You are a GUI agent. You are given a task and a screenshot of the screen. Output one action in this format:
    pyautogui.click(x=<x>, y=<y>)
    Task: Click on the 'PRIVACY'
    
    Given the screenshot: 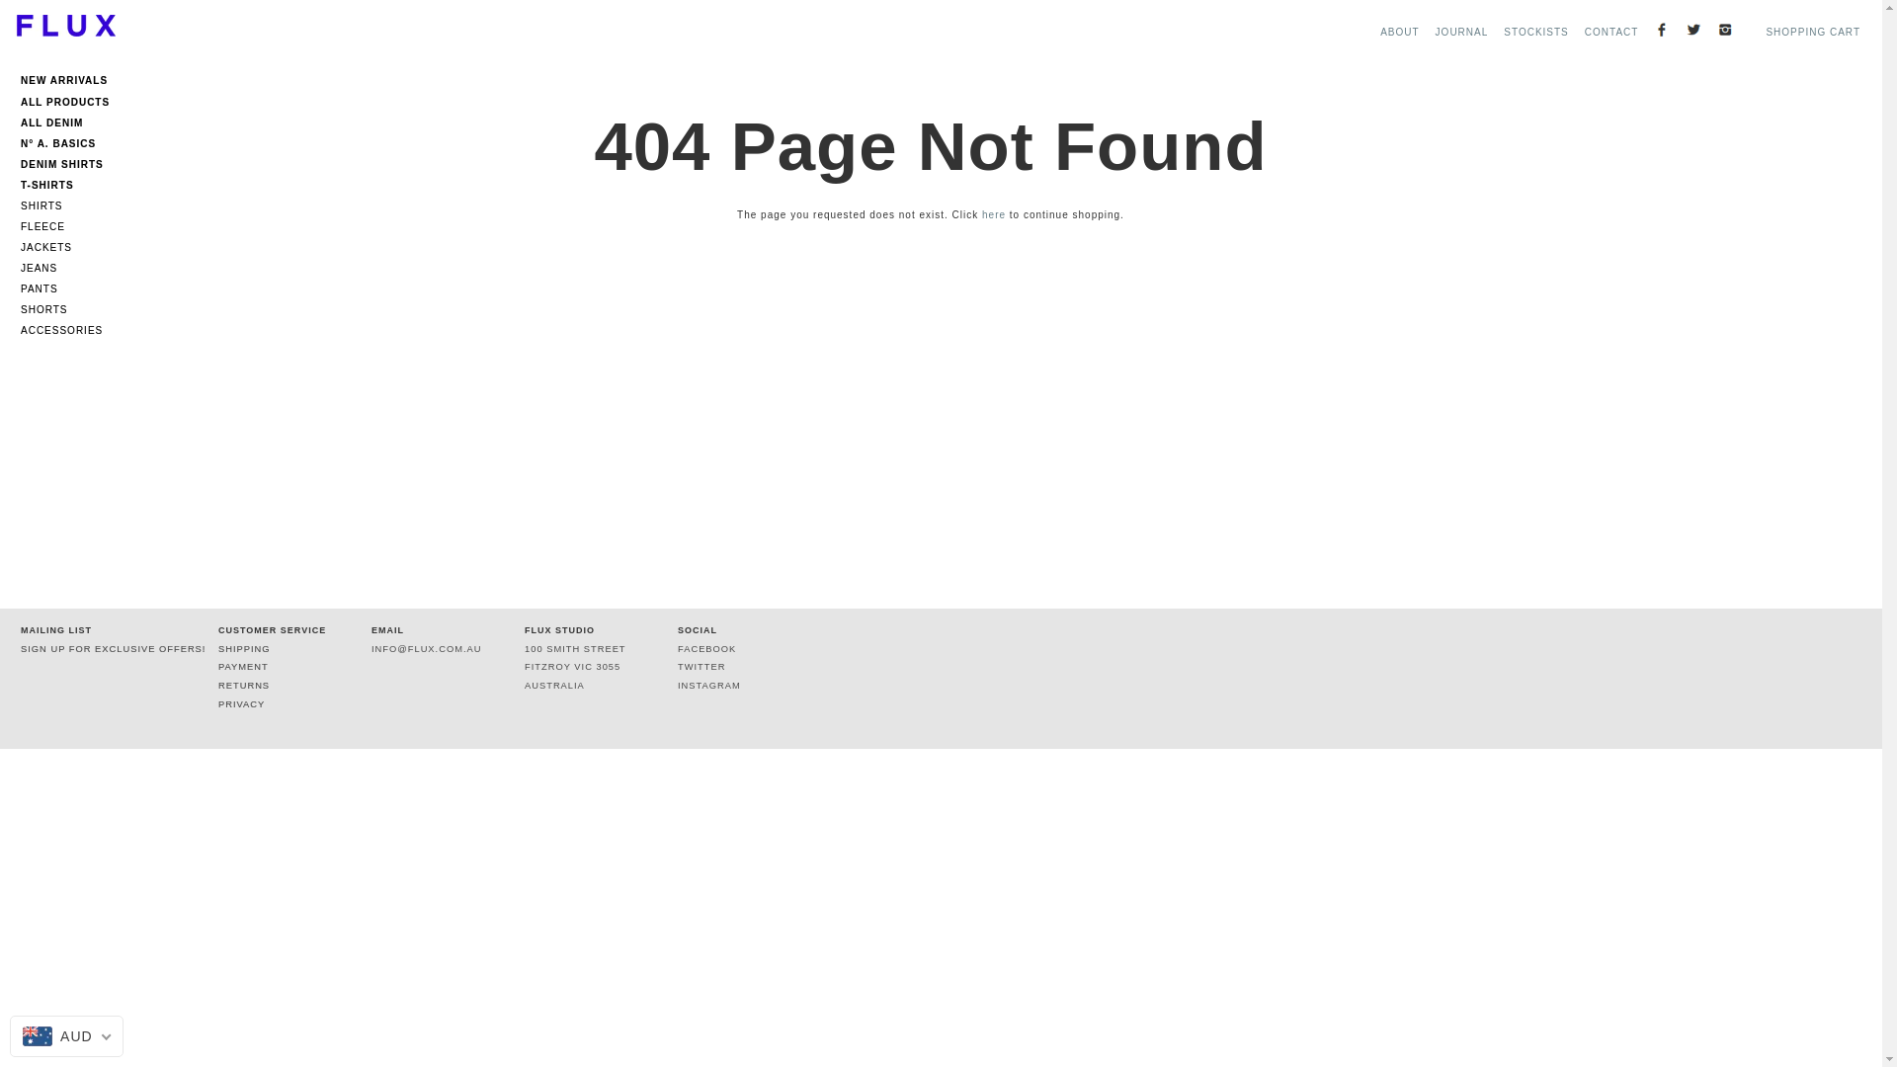 What is the action you would take?
    pyautogui.click(x=240, y=703)
    